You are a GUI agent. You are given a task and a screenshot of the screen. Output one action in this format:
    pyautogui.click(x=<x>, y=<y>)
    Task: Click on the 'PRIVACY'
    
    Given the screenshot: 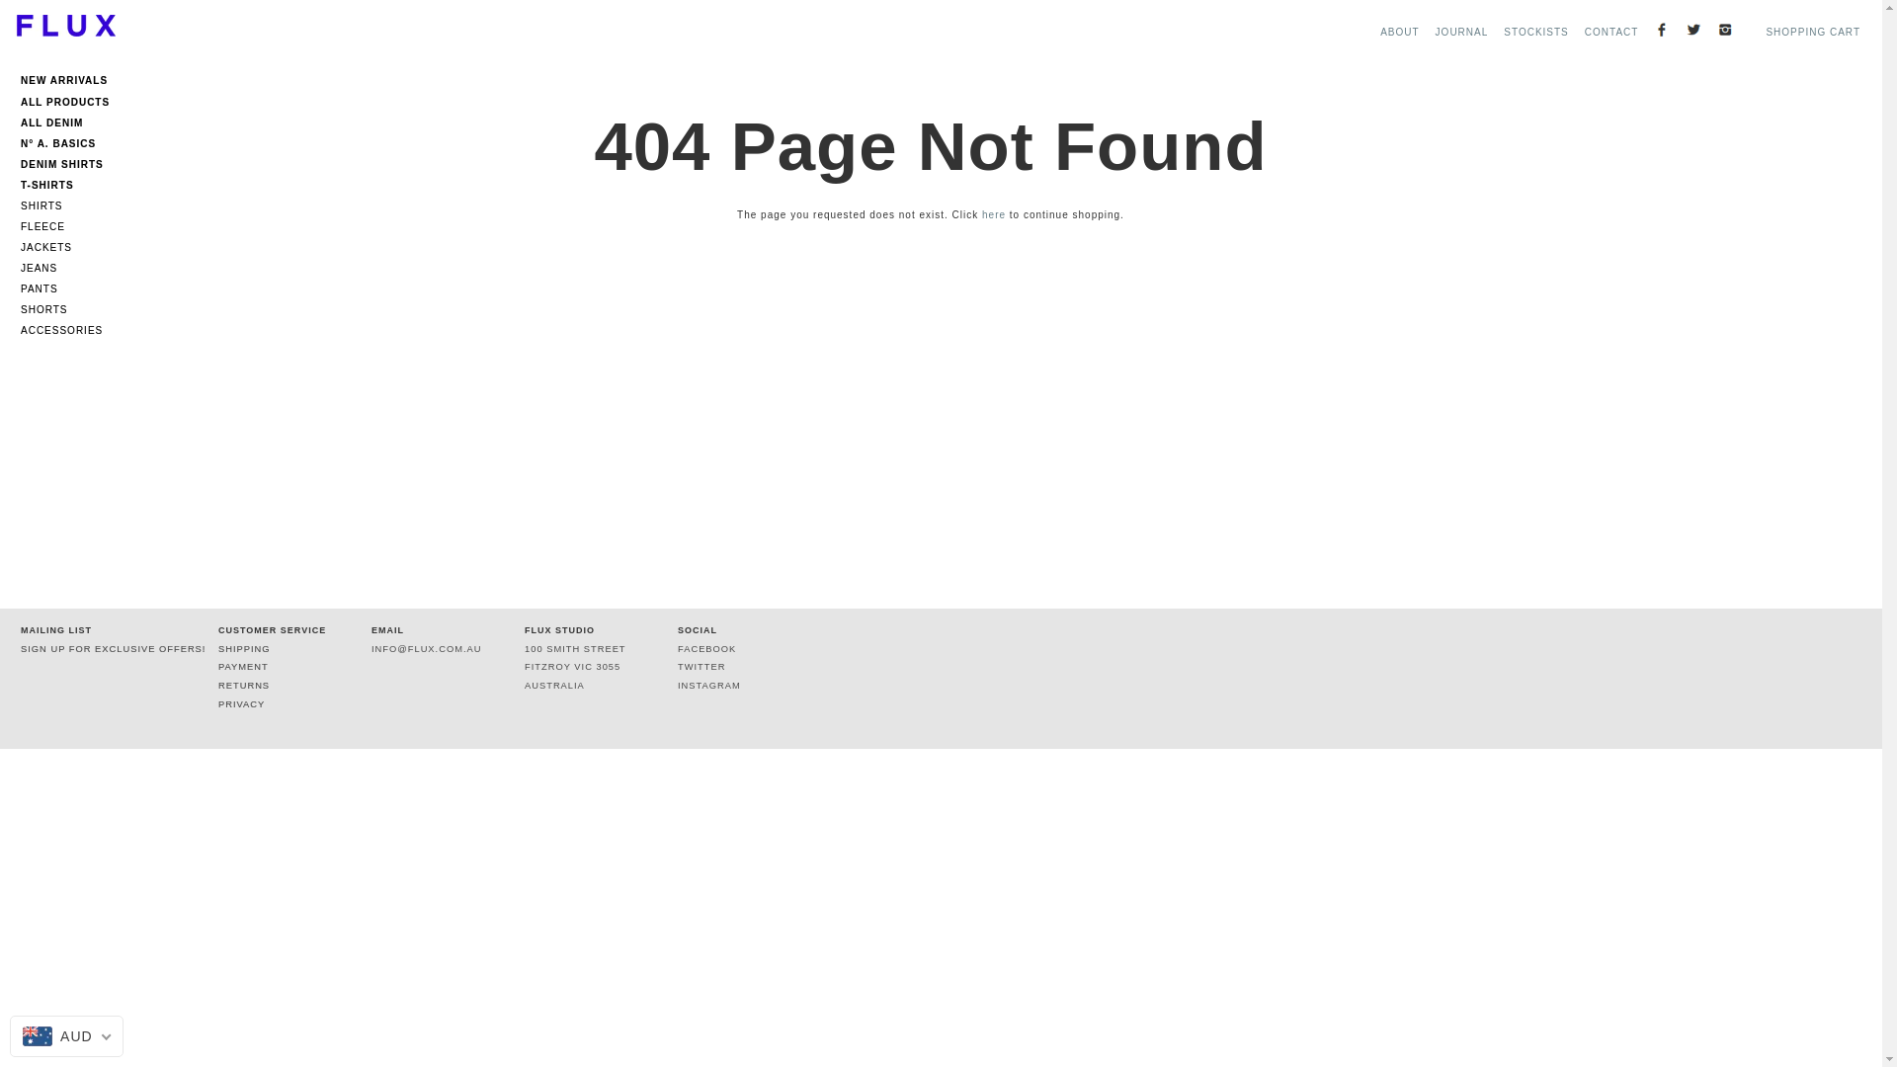 What is the action you would take?
    pyautogui.click(x=240, y=703)
    